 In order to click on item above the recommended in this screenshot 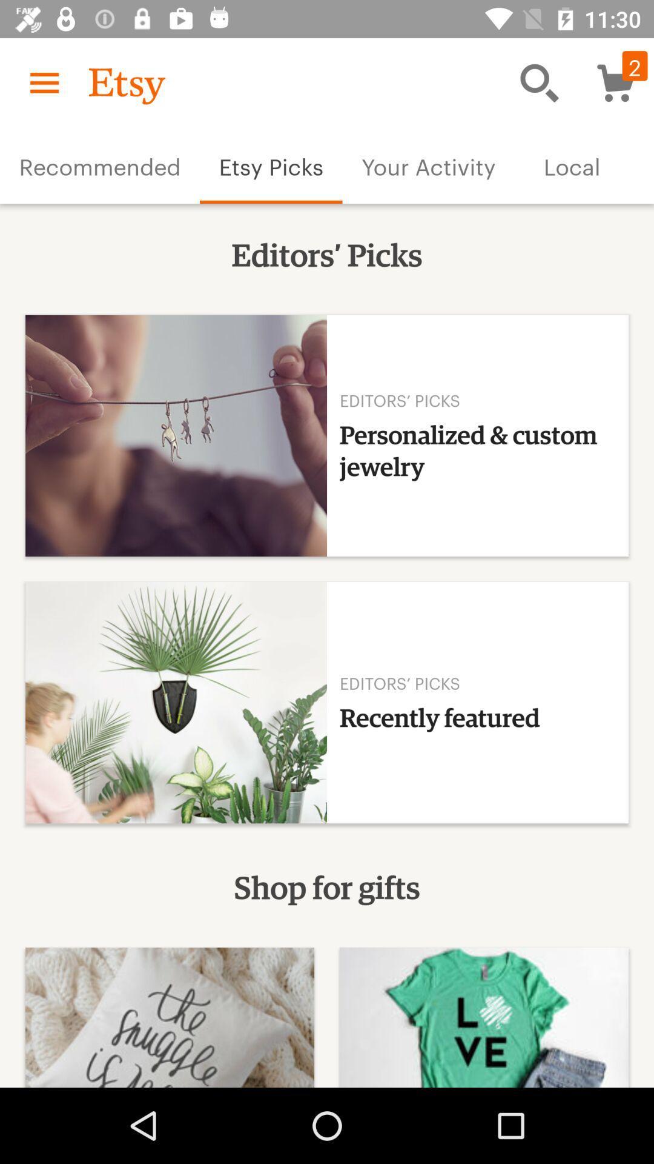, I will do `click(44, 82)`.